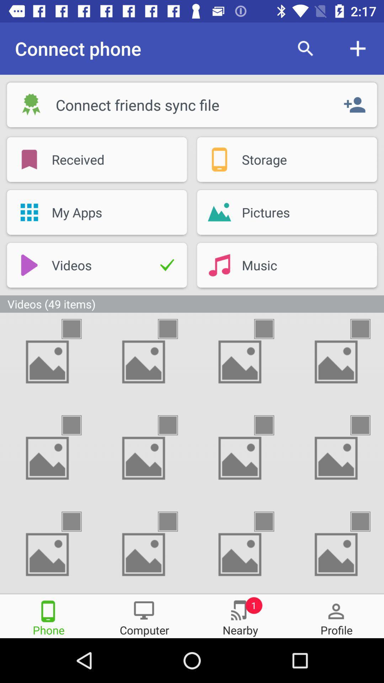  Describe the element at coordinates (367, 328) in the screenshot. I see `the videos` at that location.